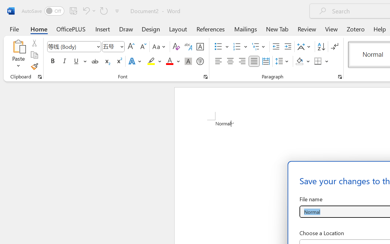 This screenshot has width=390, height=244. What do you see at coordinates (103, 29) in the screenshot?
I see `'Insert'` at bounding box center [103, 29].